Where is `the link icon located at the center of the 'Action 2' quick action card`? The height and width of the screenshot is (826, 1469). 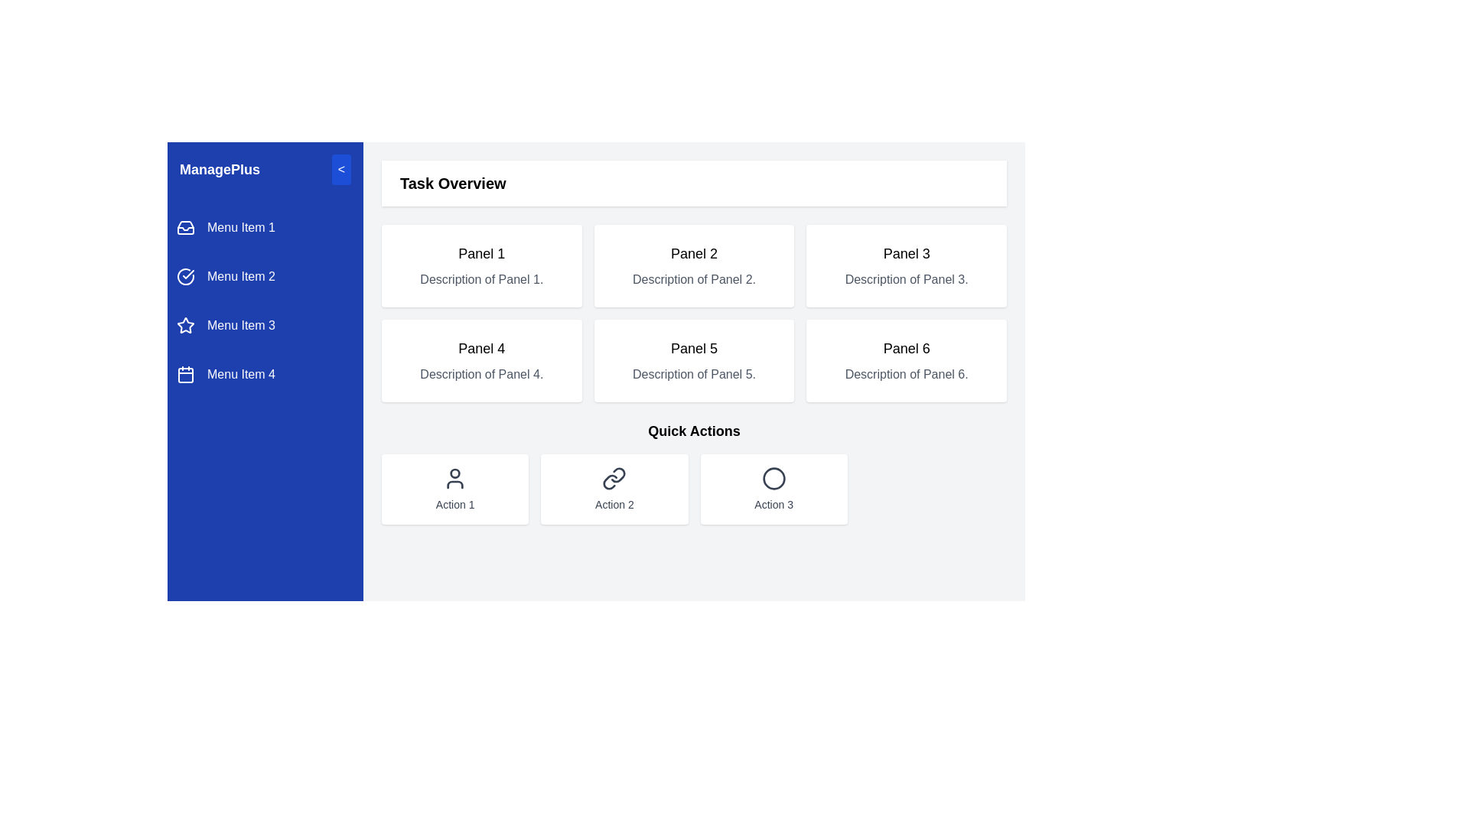 the link icon located at the center of the 'Action 2' quick action card is located at coordinates (614, 477).